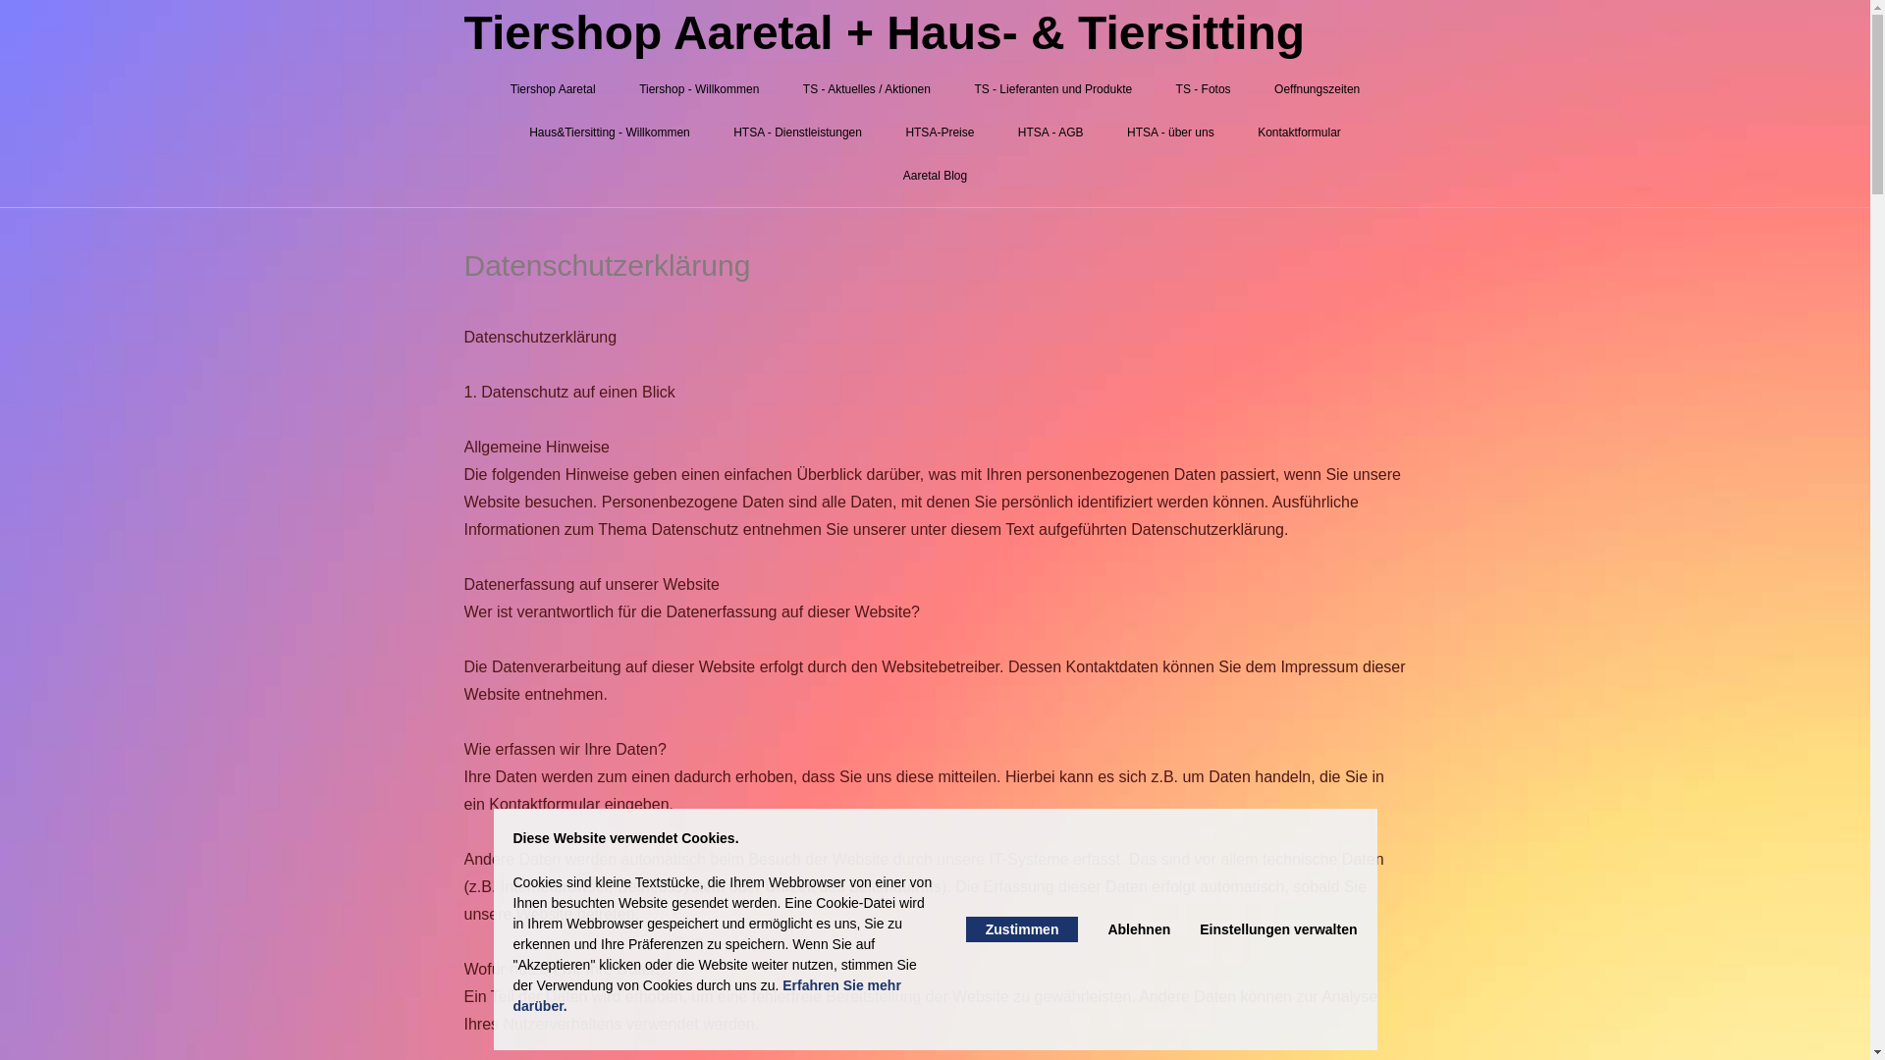 The image size is (1885, 1060). I want to click on 'Haus&Tiersitting - Willkommen', so click(608, 132).